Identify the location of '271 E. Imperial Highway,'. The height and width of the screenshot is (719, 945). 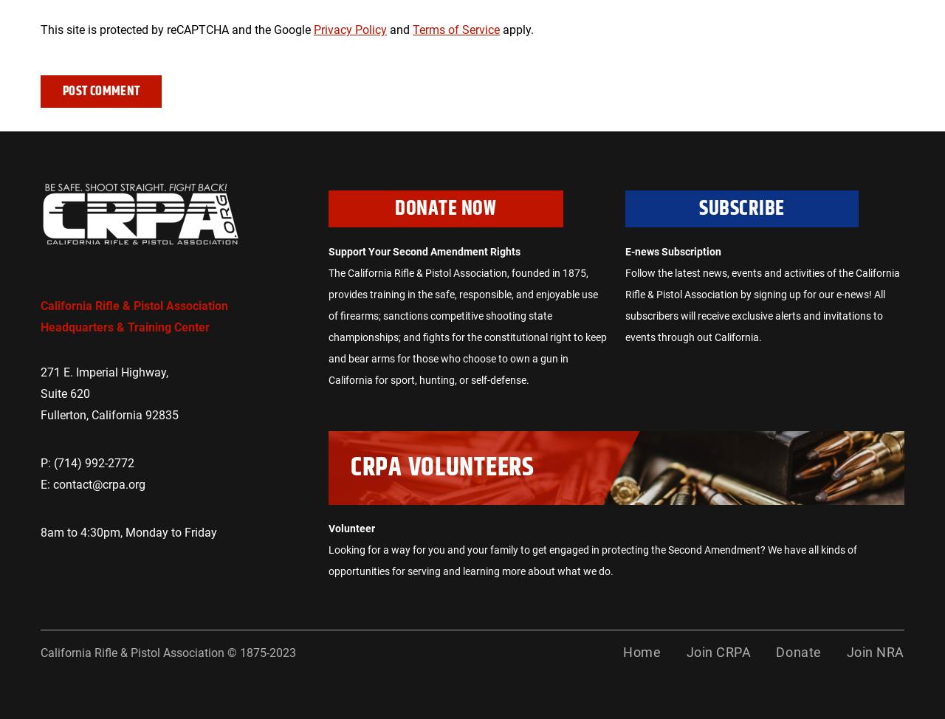
(103, 372).